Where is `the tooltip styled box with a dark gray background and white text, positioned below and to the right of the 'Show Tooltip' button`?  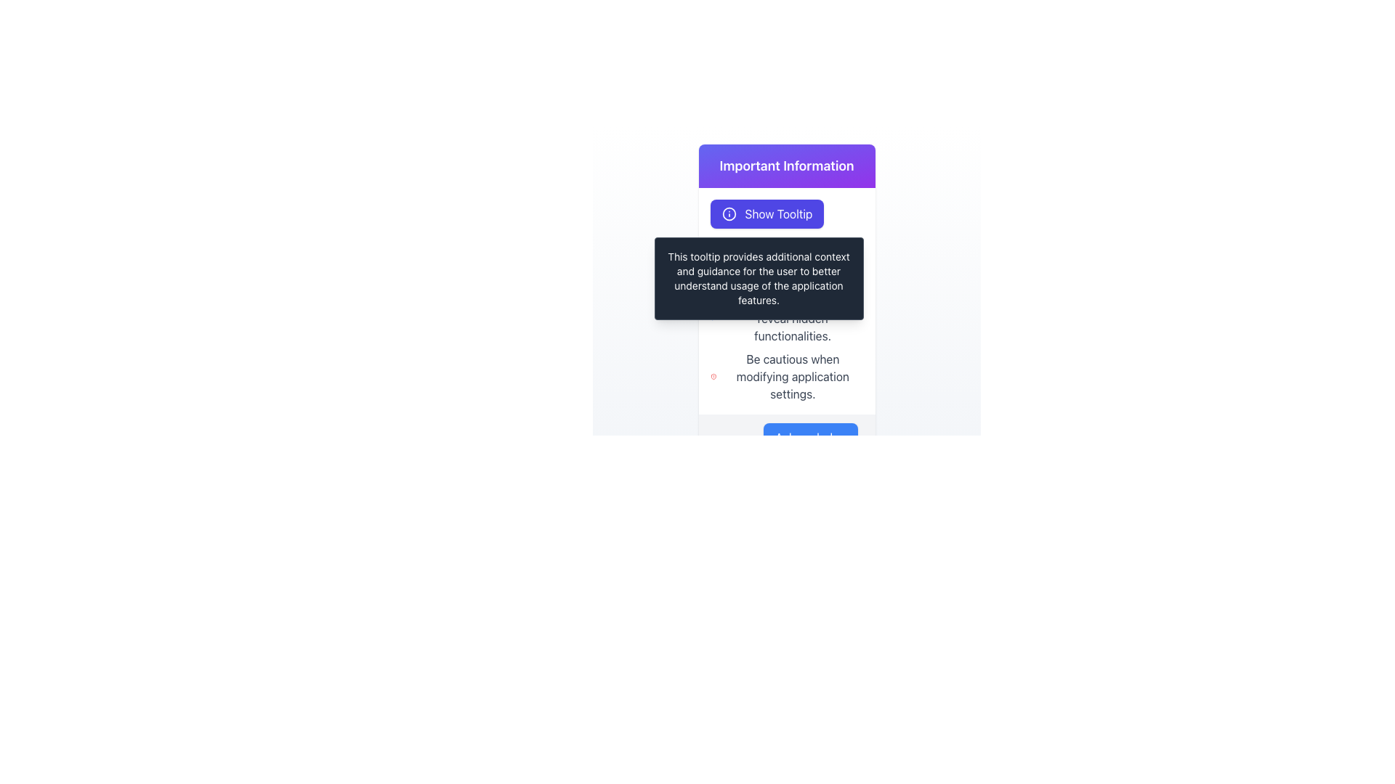
the tooltip styled box with a dark gray background and white text, positioned below and to the right of the 'Show Tooltip' button is located at coordinates (758, 279).